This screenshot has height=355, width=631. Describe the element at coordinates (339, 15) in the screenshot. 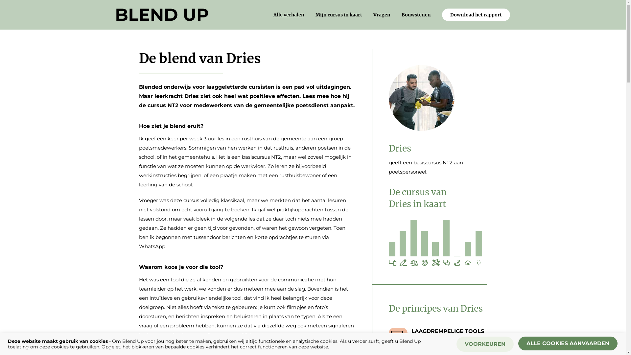

I see `'Mijn cursus in kaart'` at that location.